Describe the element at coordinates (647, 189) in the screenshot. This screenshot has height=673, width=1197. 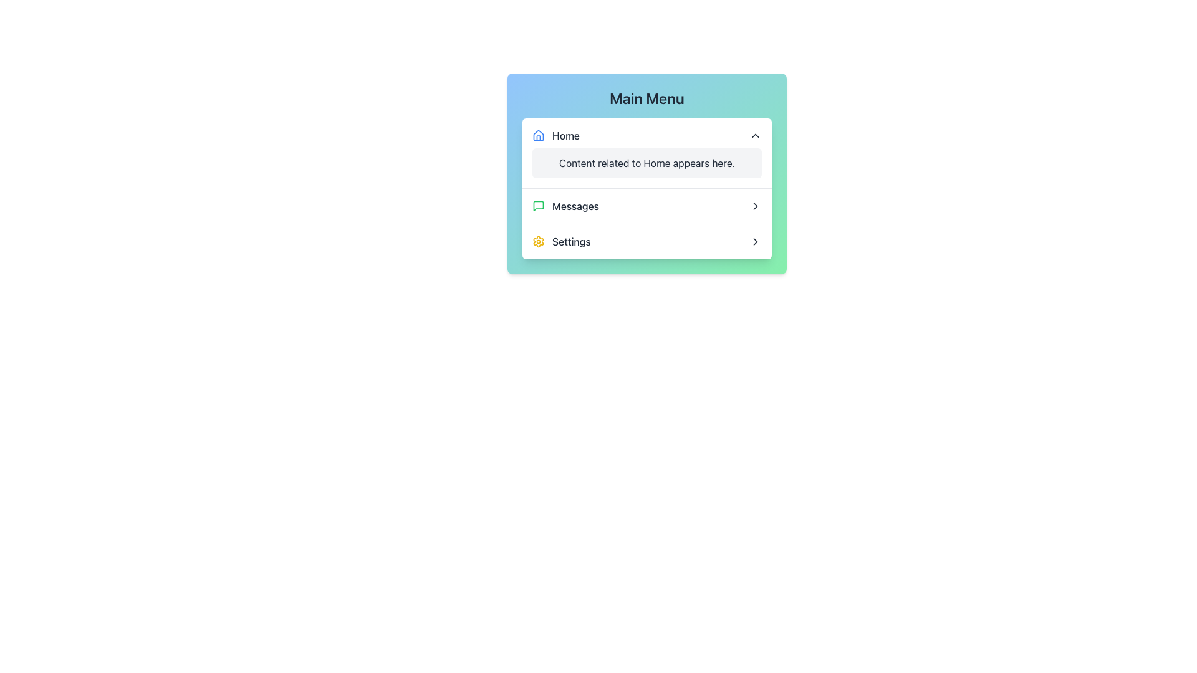
I see `the Collapsible Panel for the 'Home' category` at that location.